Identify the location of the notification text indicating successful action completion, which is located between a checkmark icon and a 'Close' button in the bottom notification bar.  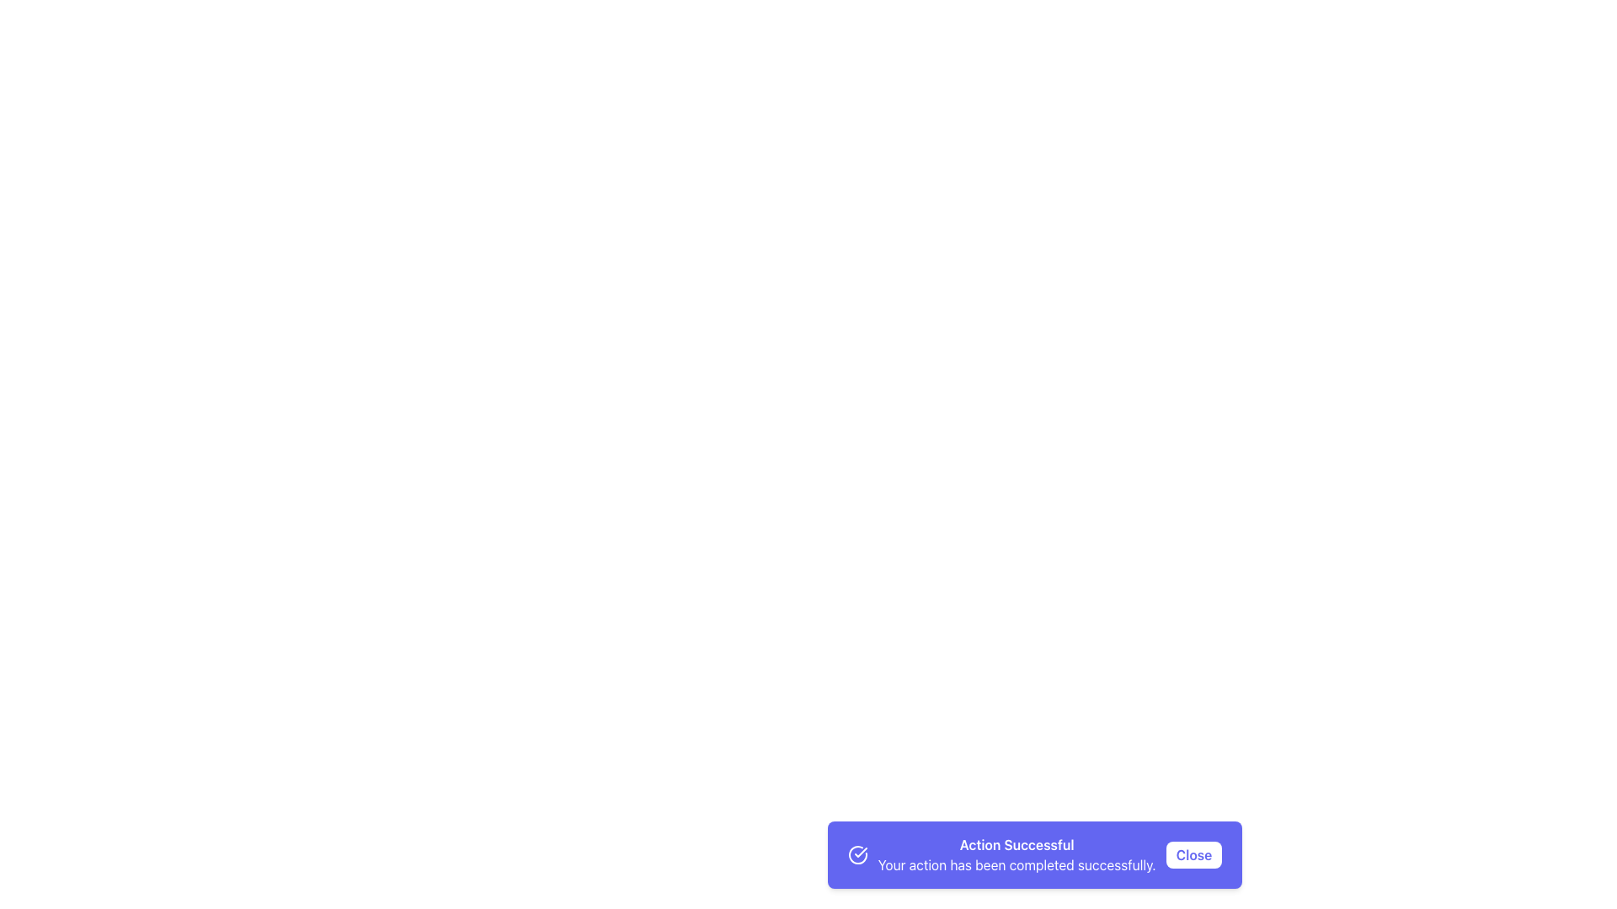
(1016, 854).